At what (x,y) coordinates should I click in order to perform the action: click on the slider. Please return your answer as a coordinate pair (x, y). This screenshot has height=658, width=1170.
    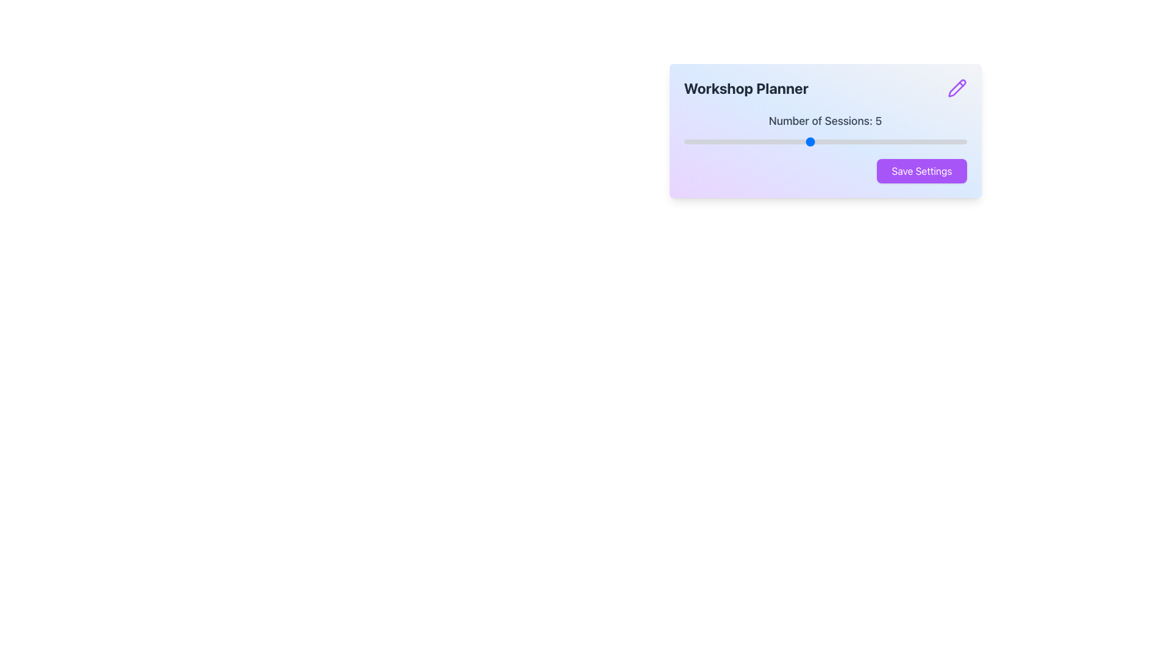
    Looking at the image, I should click on (934, 141).